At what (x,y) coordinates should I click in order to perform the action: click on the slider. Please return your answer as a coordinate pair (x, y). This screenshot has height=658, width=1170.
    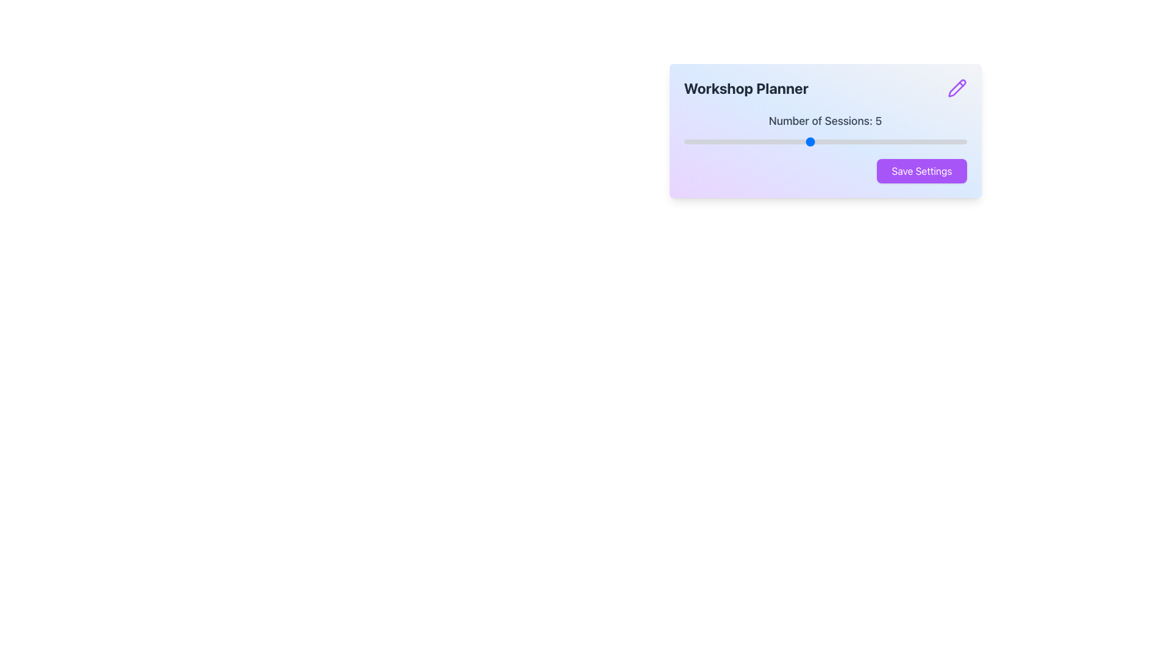
    Looking at the image, I should click on (934, 141).